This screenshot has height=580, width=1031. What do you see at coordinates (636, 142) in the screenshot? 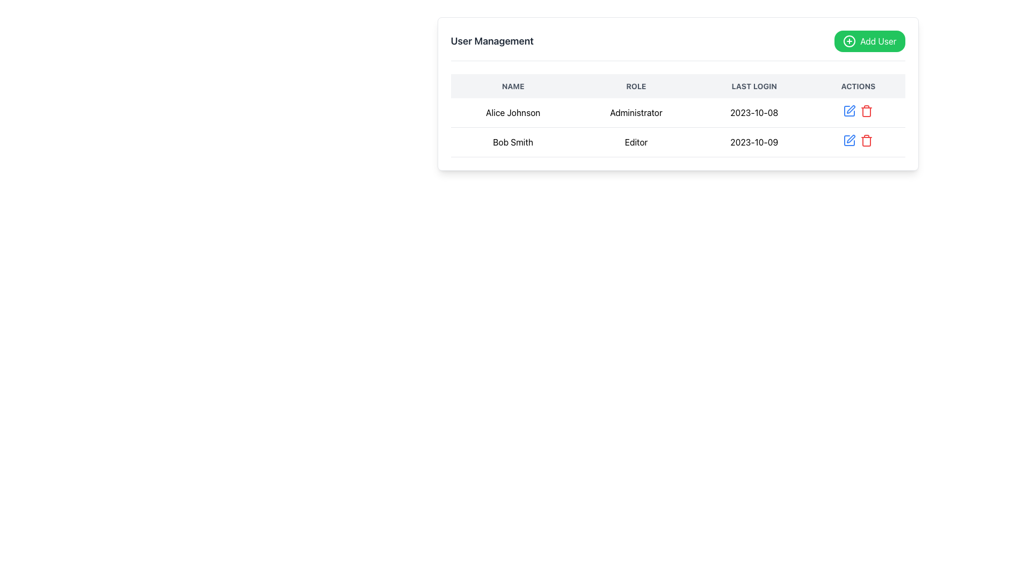
I see `the text label displaying the role description for the user 'Bob Smith' located in the second row under the 'Role' column` at bounding box center [636, 142].